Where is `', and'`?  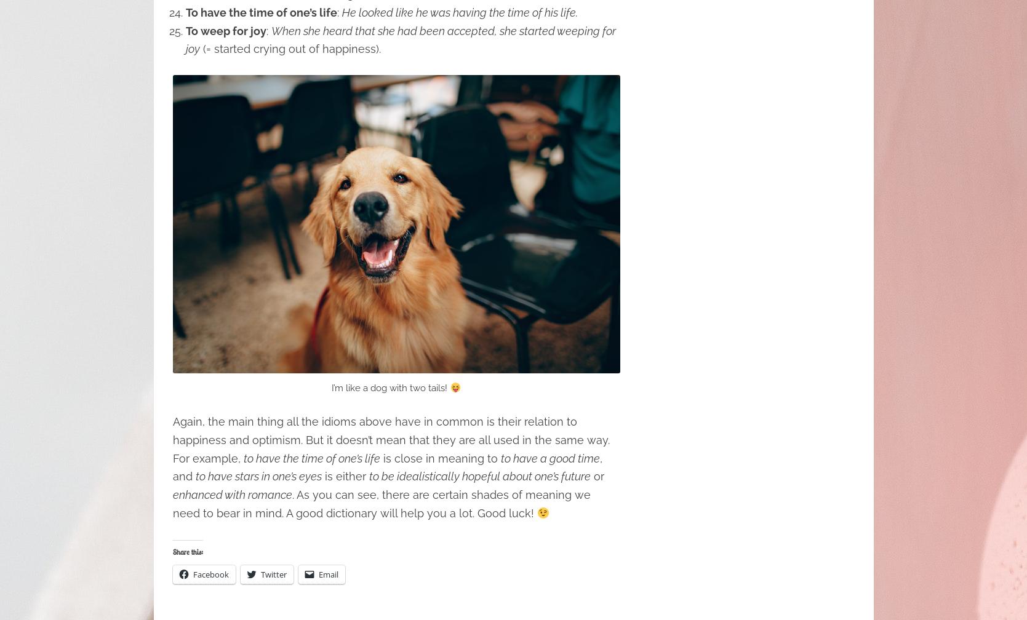 ', and' is located at coordinates (387, 467).